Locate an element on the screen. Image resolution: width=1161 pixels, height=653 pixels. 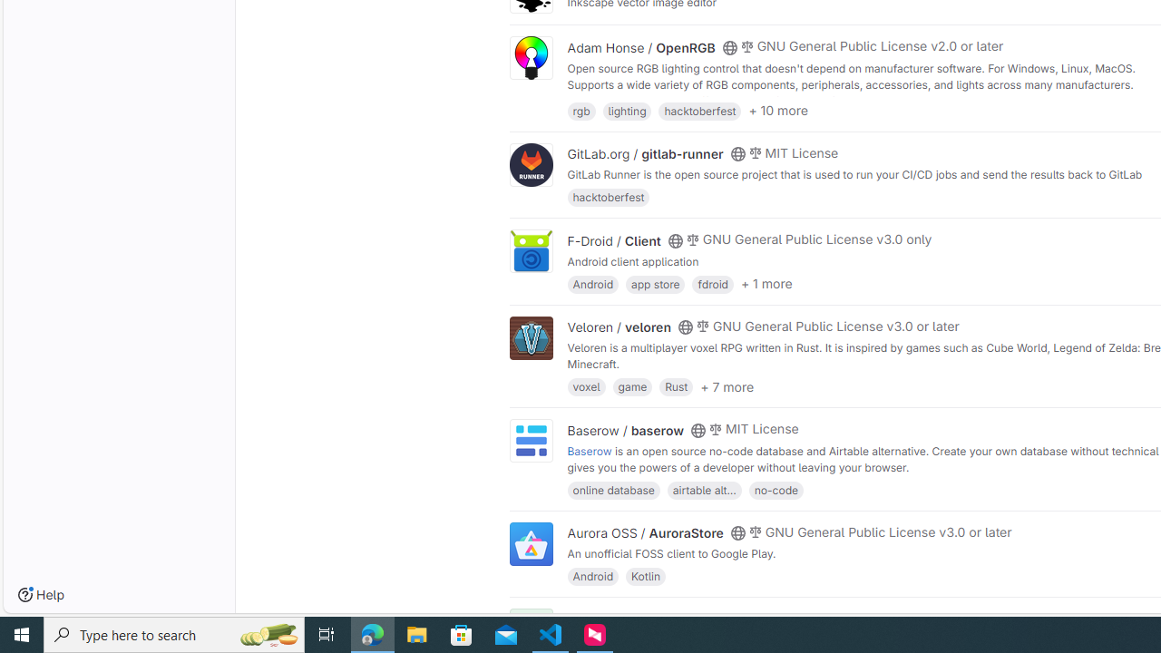
'Baserow / baserow' is located at coordinates (625, 430).